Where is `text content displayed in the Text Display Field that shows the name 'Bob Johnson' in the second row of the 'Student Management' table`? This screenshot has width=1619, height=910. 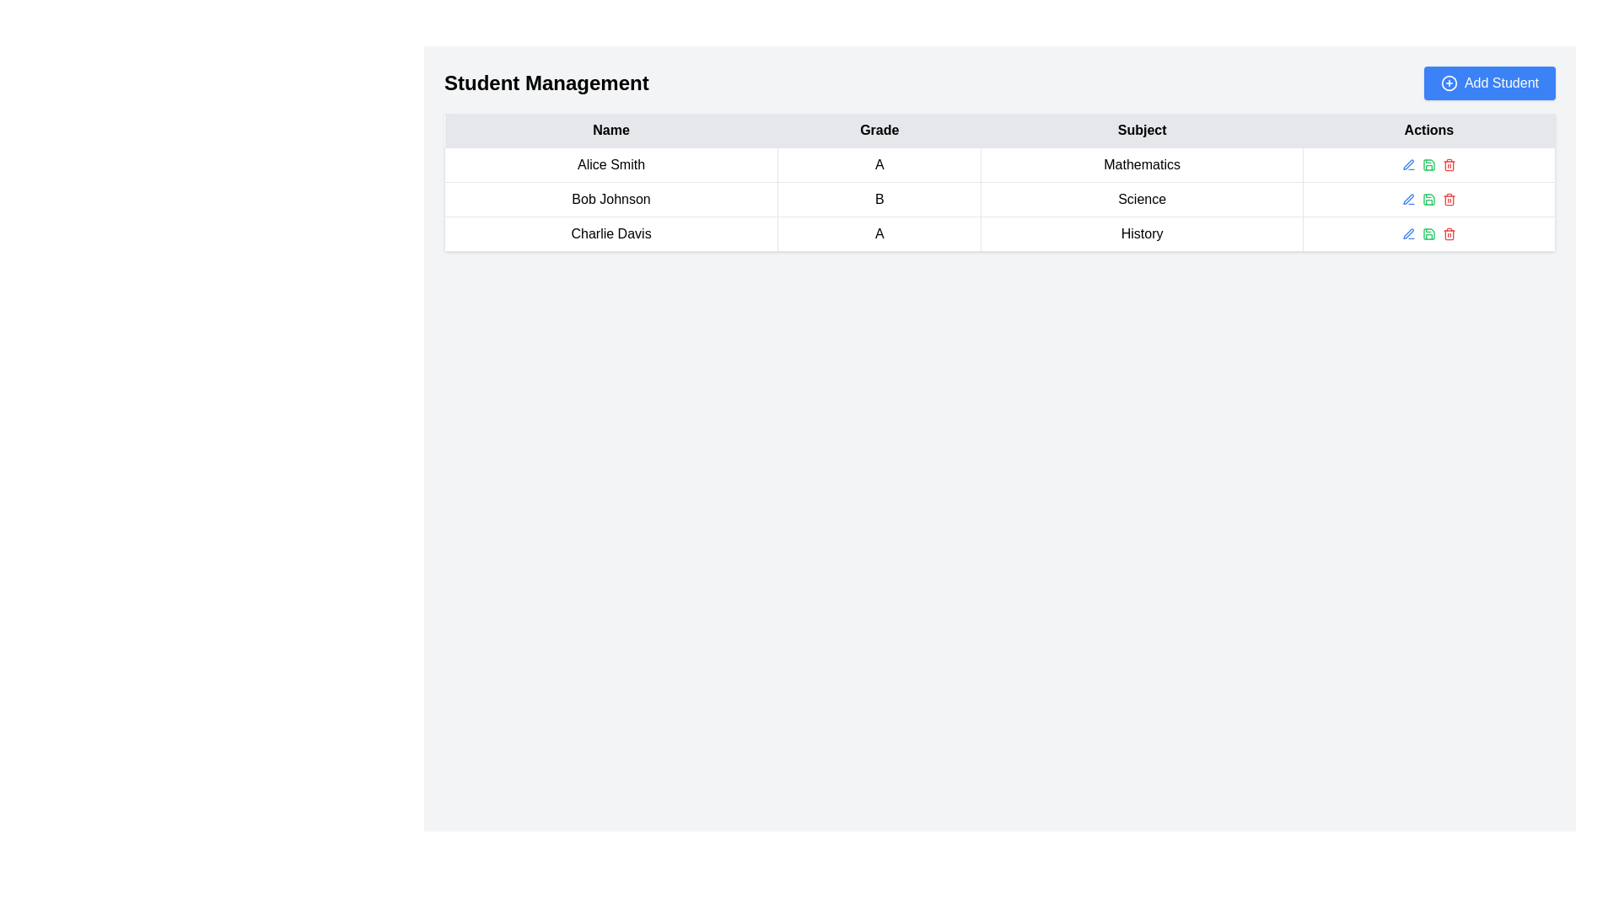
text content displayed in the Text Display Field that shows the name 'Bob Johnson' in the second row of the 'Student Management' table is located at coordinates (610, 198).